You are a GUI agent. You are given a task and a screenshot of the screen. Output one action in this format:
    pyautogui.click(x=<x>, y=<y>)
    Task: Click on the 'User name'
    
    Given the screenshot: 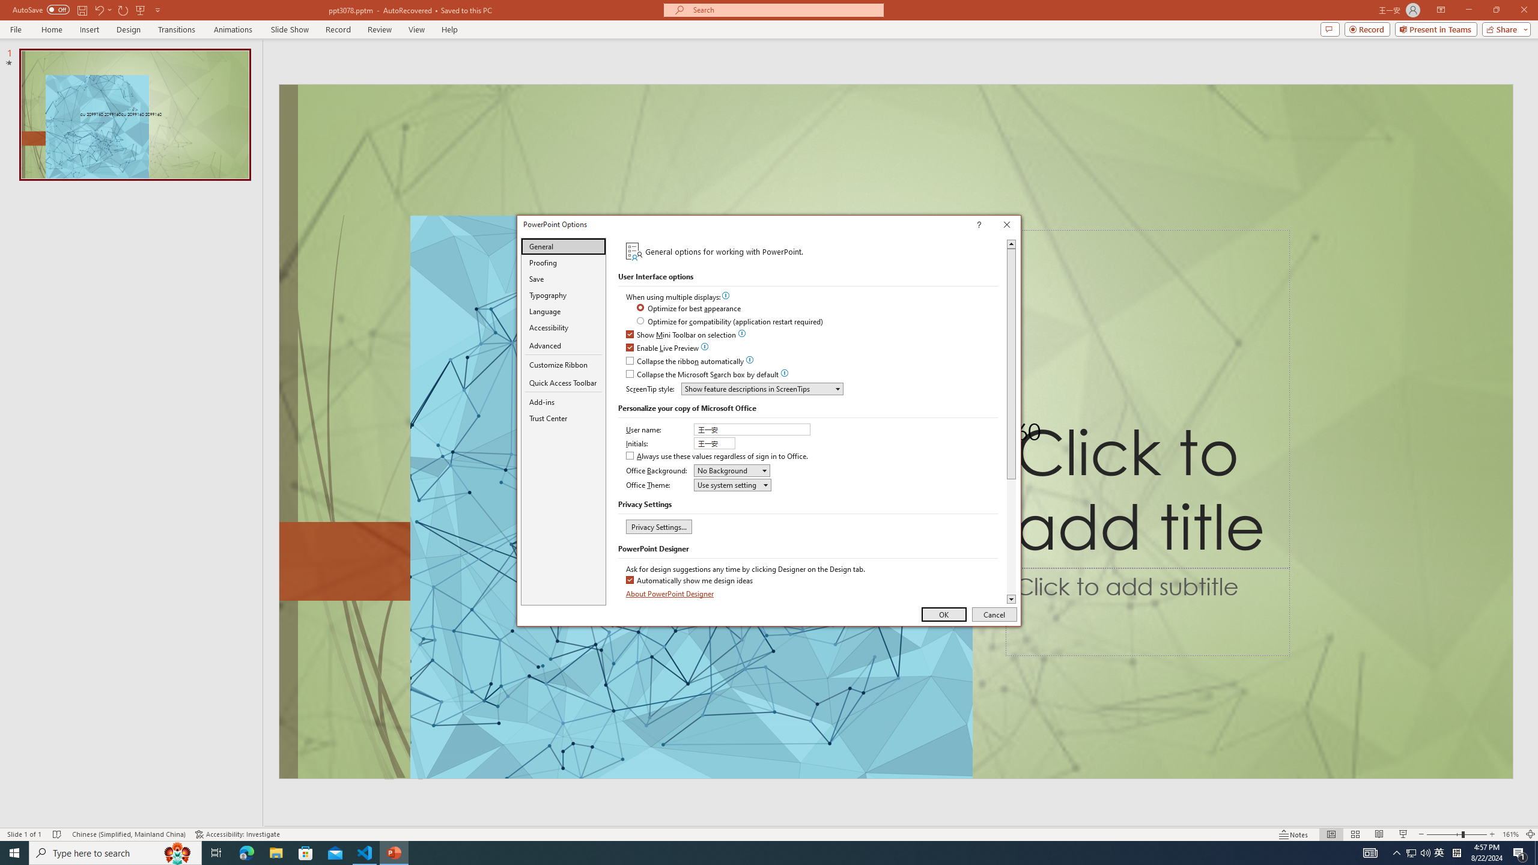 What is the action you would take?
    pyautogui.click(x=752, y=428)
    